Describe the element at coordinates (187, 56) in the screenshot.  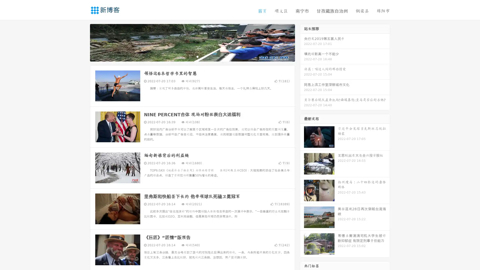
I see `Go to slide 1` at that location.